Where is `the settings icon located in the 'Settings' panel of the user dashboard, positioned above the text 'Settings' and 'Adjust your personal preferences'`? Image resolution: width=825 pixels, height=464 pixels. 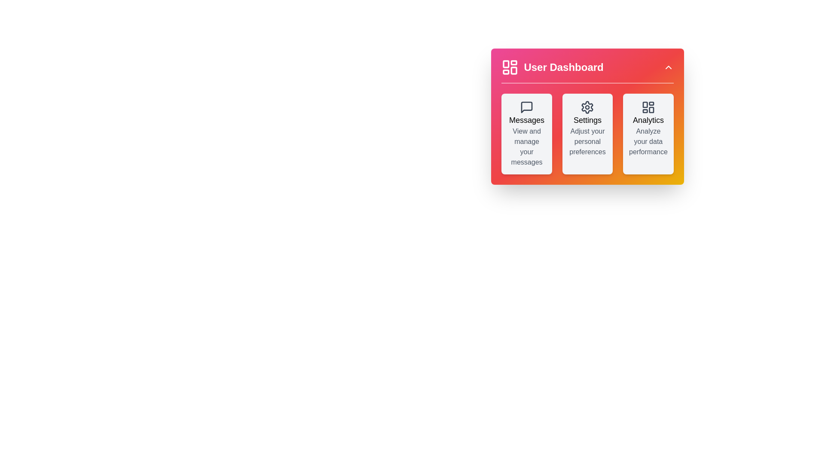
the settings icon located in the 'Settings' panel of the user dashboard, positioned above the text 'Settings' and 'Adjust your personal preferences' is located at coordinates (587, 107).